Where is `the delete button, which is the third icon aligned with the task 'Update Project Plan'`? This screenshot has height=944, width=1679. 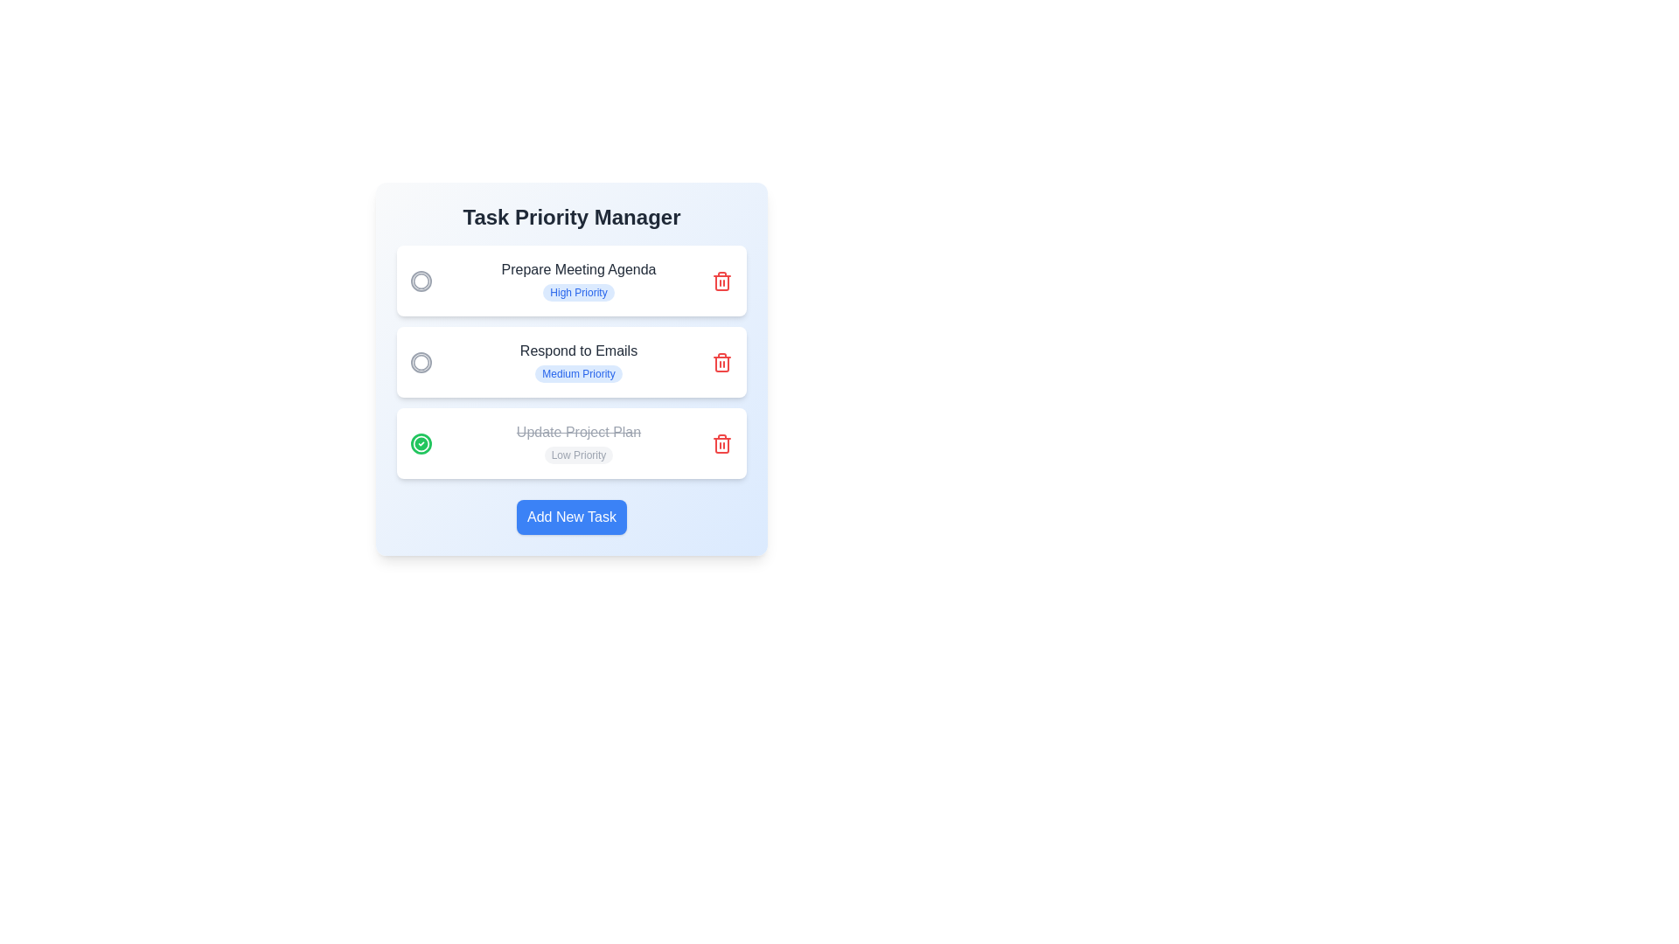 the delete button, which is the third icon aligned with the task 'Update Project Plan' is located at coordinates (721, 444).